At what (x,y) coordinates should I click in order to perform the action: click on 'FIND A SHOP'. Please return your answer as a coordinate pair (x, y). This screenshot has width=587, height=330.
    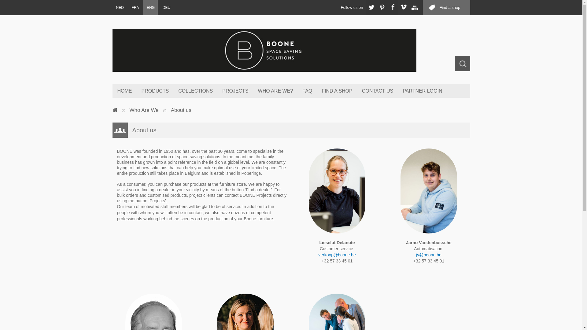
    Looking at the image, I should click on (336, 91).